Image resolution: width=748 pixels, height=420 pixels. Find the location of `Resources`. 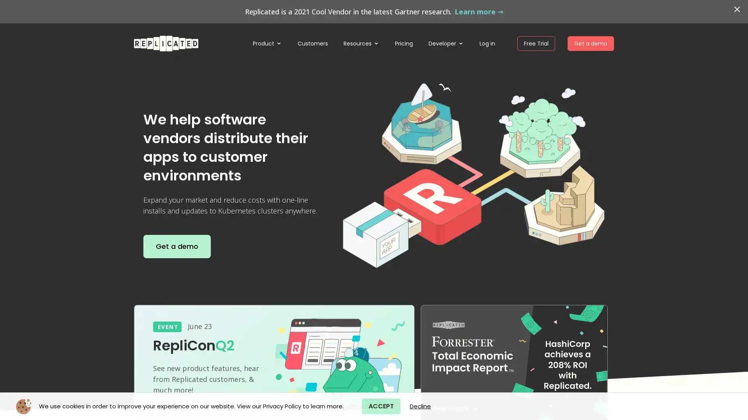

Resources is located at coordinates (361, 43).